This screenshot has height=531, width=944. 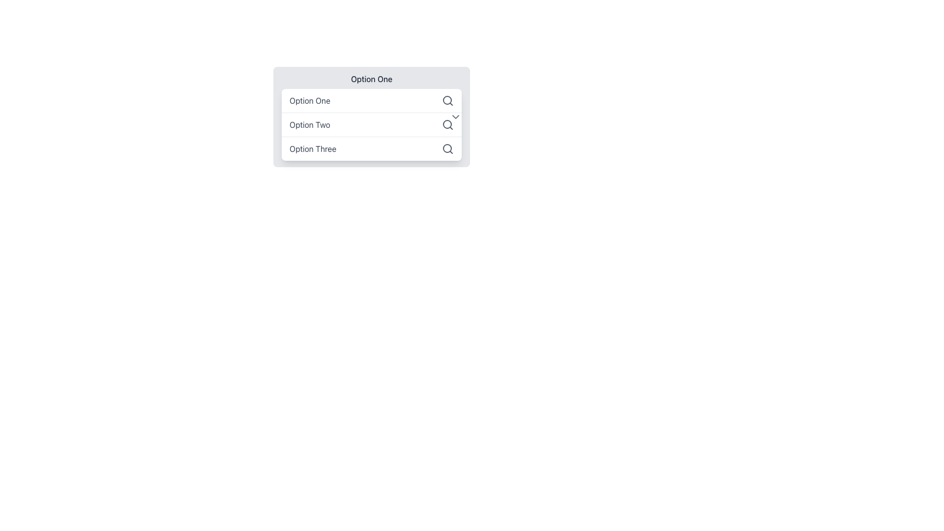 I want to click on the chevron icon located on the right side of the 'Option Two' row in the dropdown list, so click(x=455, y=117).